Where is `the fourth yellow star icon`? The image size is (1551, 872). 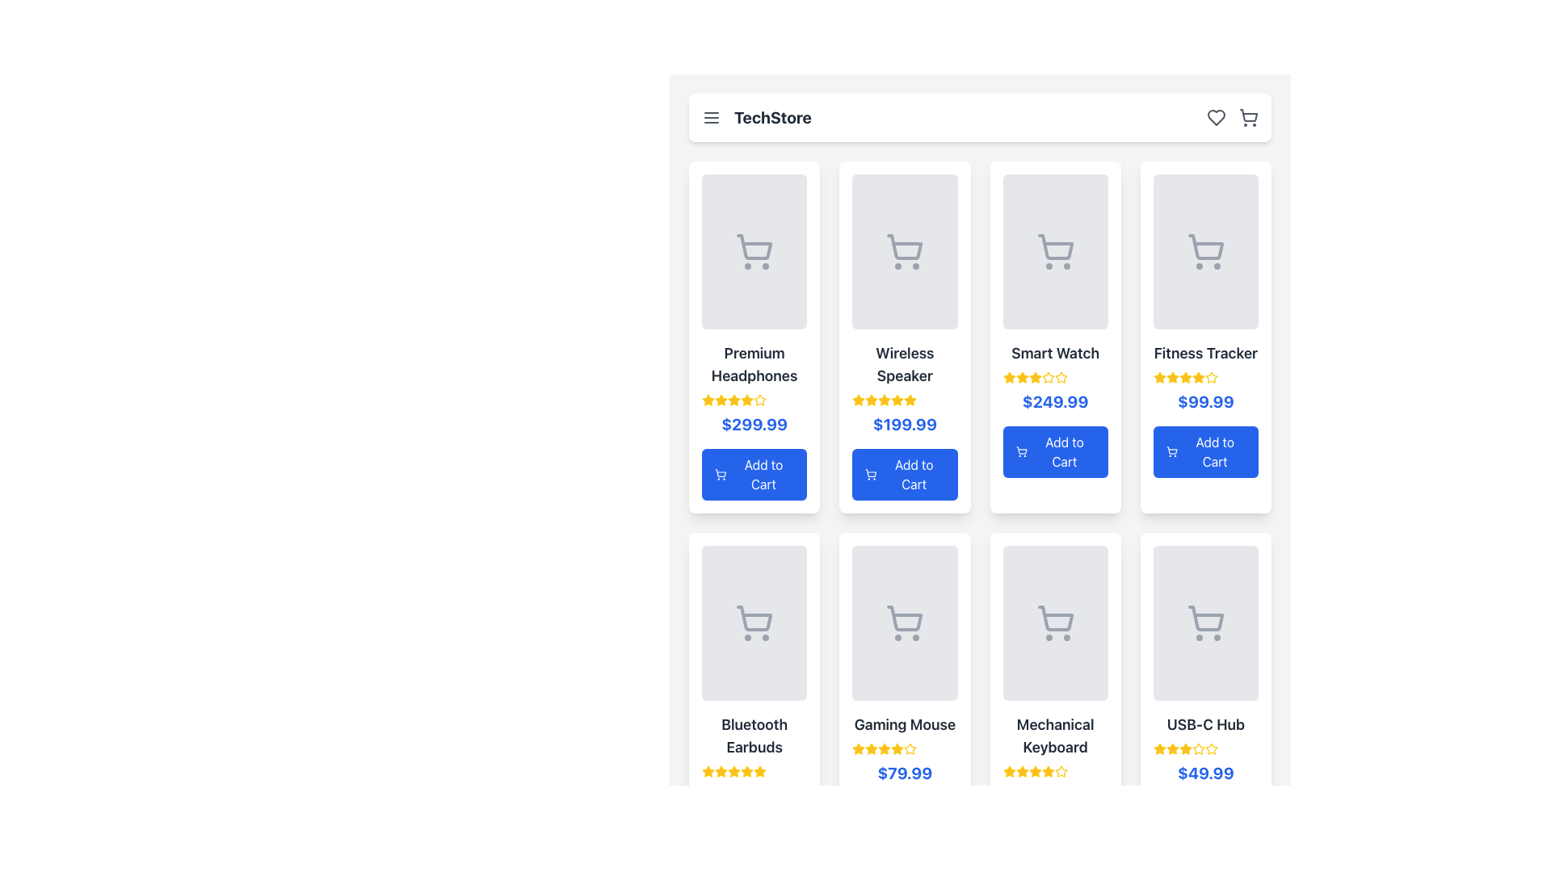
the fourth yellow star icon is located at coordinates (1035, 771).